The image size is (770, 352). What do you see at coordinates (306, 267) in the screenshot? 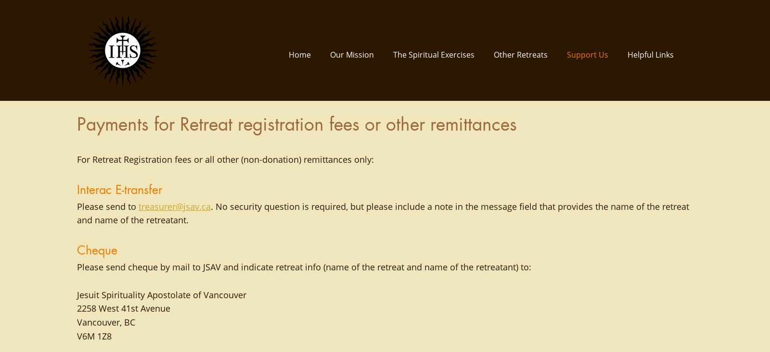
I see `'Please send cheque by mail to JSAV and indicate retreat info (name of the retreat and name of the retreatant) to:'` at bounding box center [306, 267].